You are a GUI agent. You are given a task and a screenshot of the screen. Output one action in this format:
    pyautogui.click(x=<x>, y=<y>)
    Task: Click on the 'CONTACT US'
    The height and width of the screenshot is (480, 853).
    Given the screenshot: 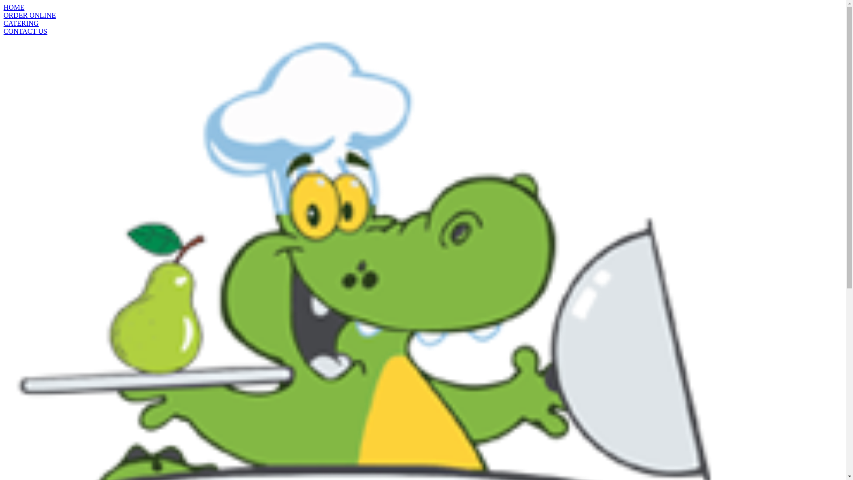 What is the action you would take?
    pyautogui.click(x=4, y=31)
    